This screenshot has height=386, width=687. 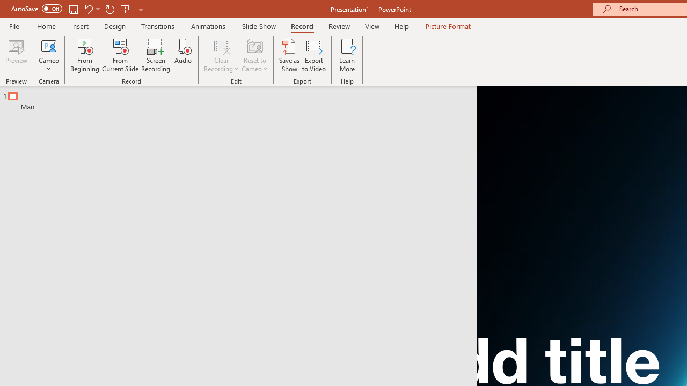 What do you see at coordinates (448, 26) in the screenshot?
I see `'Picture Format'` at bounding box center [448, 26].